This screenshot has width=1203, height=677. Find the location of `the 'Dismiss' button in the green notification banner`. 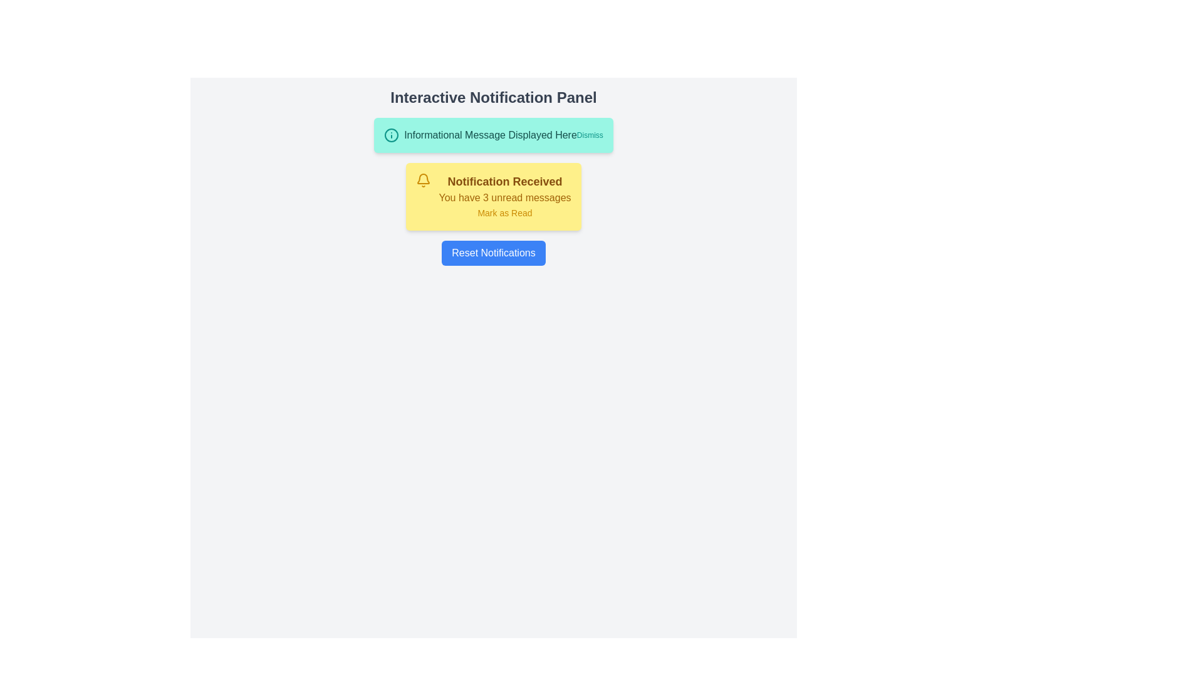

the 'Dismiss' button in the green notification banner is located at coordinates (589, 135).